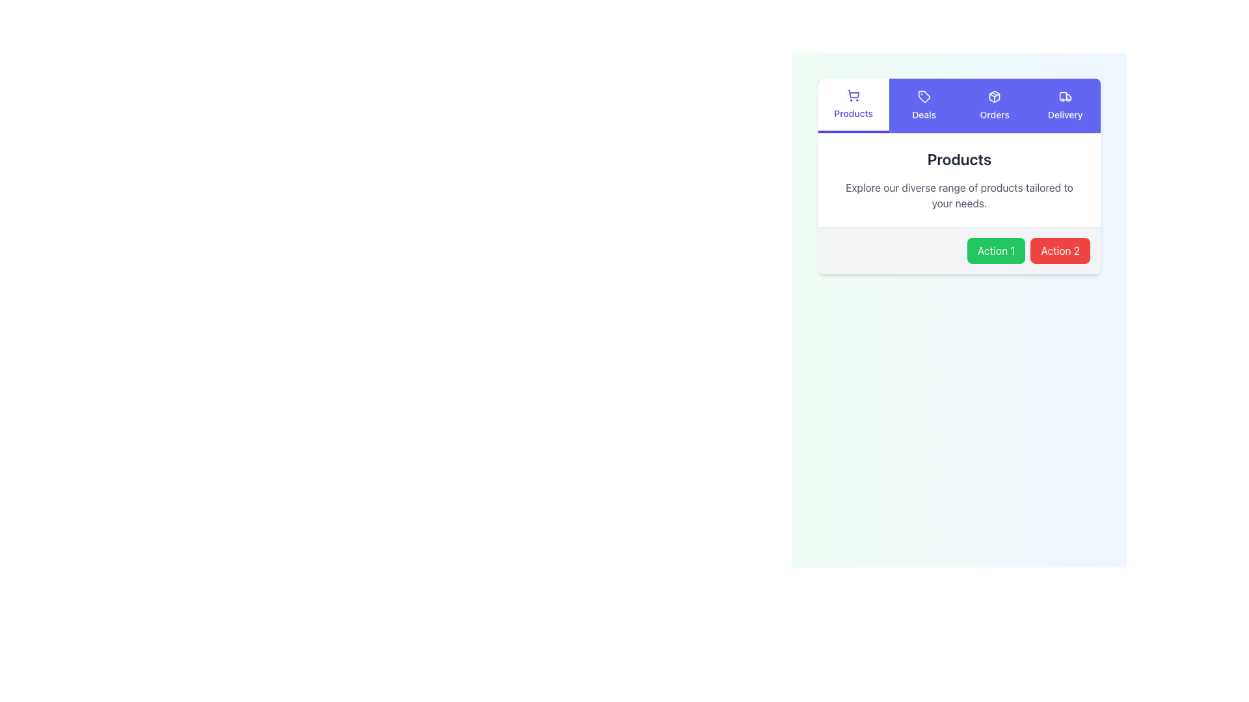  I want to click on the static text display component that introduces the 'Products' section, which includes a heading and paragraph, located centrally below the navigation bar and above the action buttons, so click(959, 180).